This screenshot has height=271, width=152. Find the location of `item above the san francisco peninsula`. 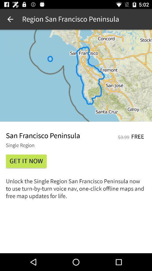

item above the san francisco peninsula is located at coordinates (76, 75).